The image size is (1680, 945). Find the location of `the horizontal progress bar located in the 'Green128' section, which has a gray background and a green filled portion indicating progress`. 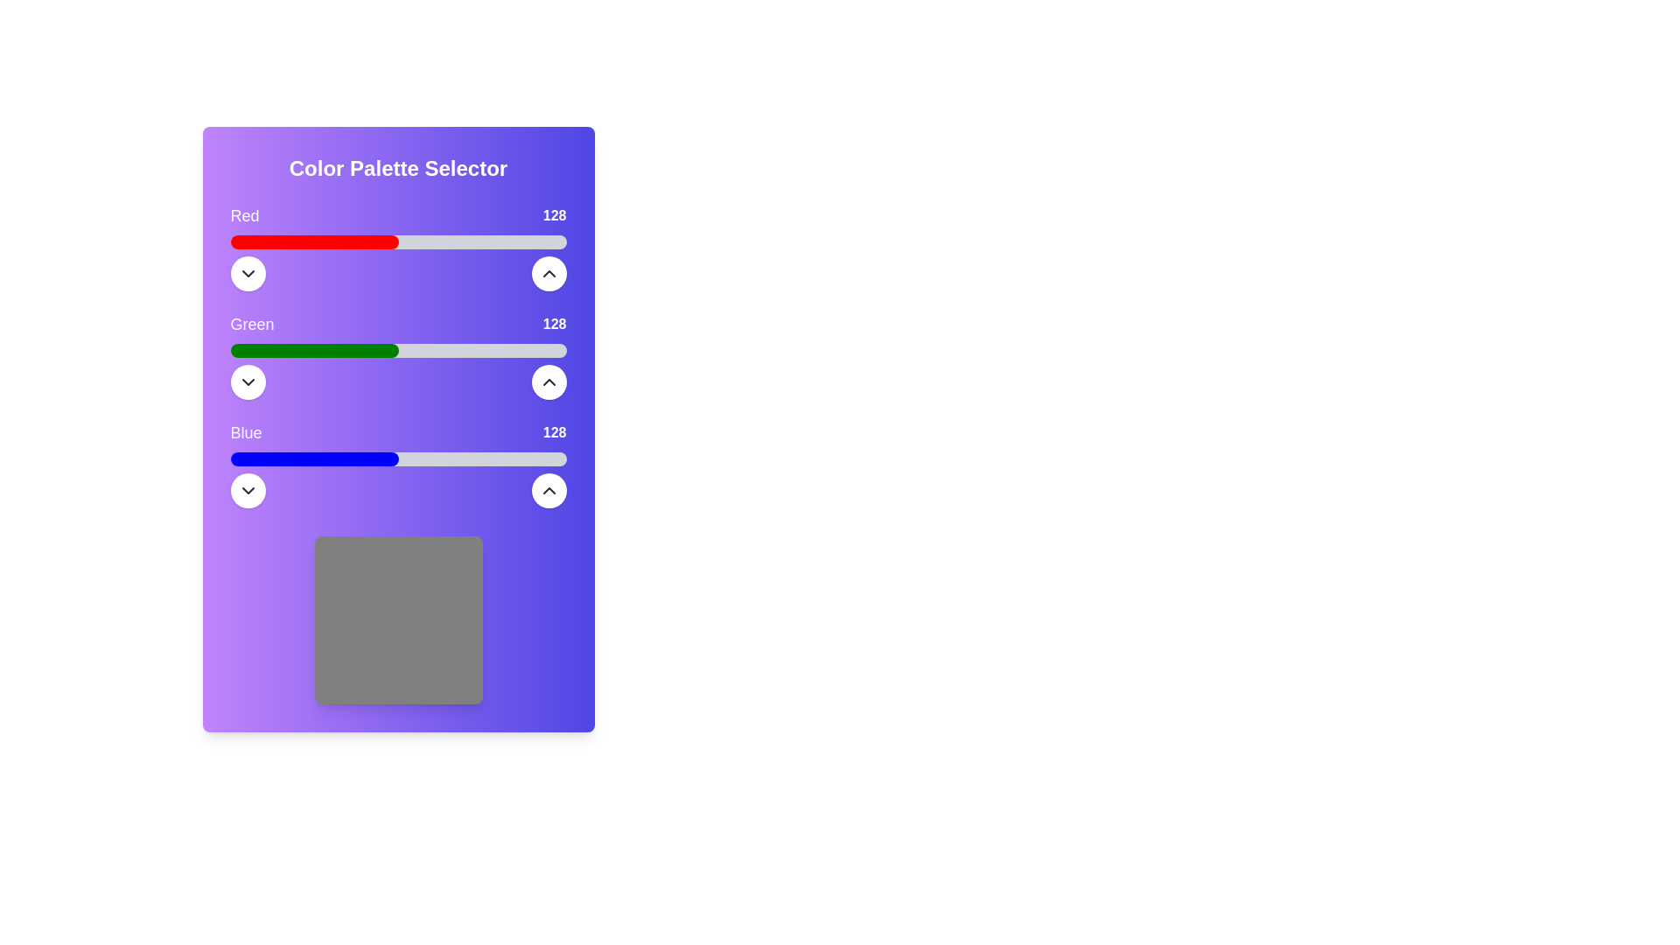

the horizontal progress bar located in the 'Green128' section, which has a gray background and a green filled portion indicating progress is located at coordinates (397, 351).